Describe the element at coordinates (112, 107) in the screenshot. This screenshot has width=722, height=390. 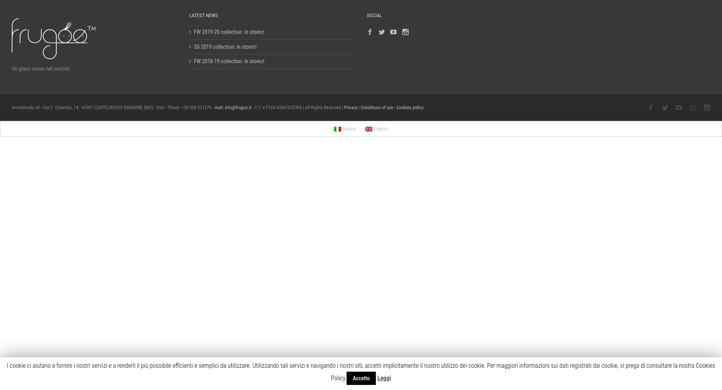
I see `'Amodimoda srl - Via C. Colombo, 14 - 41051 CASTELNUOVO RANGONE (MO) - Italy - Phone: +39 059 531279 -'` at that location.